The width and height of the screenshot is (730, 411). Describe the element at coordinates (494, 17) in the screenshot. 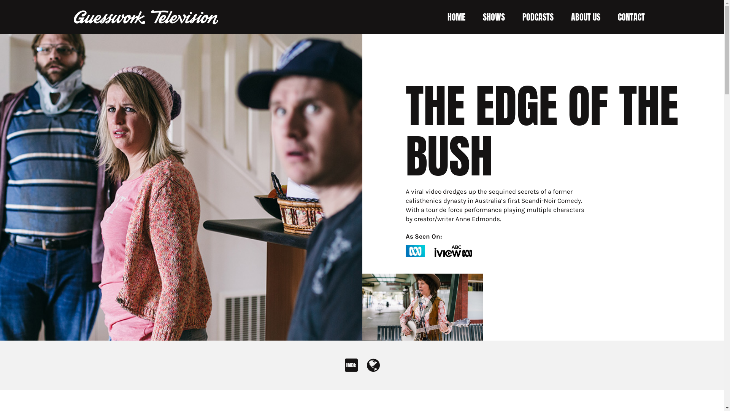

I see `'SHOWS'` at that location.